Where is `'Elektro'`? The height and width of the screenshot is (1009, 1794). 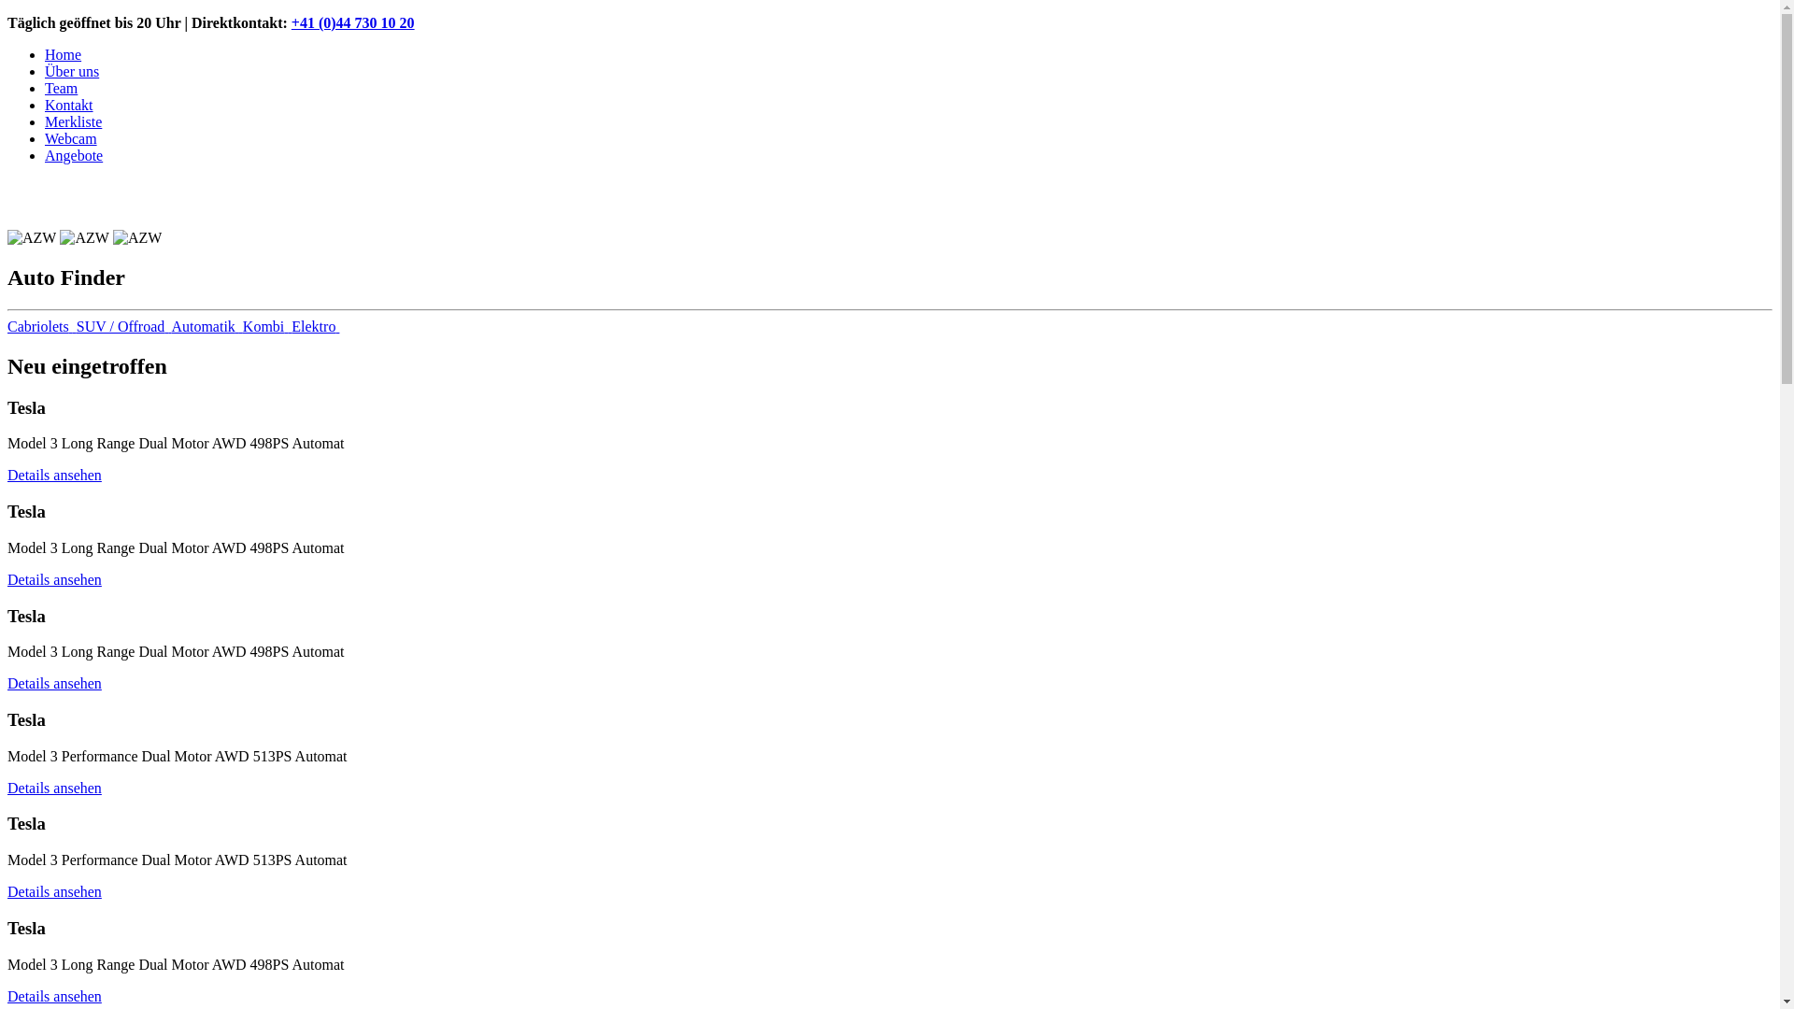 'Elektro' is located at coordinates (315, 325).